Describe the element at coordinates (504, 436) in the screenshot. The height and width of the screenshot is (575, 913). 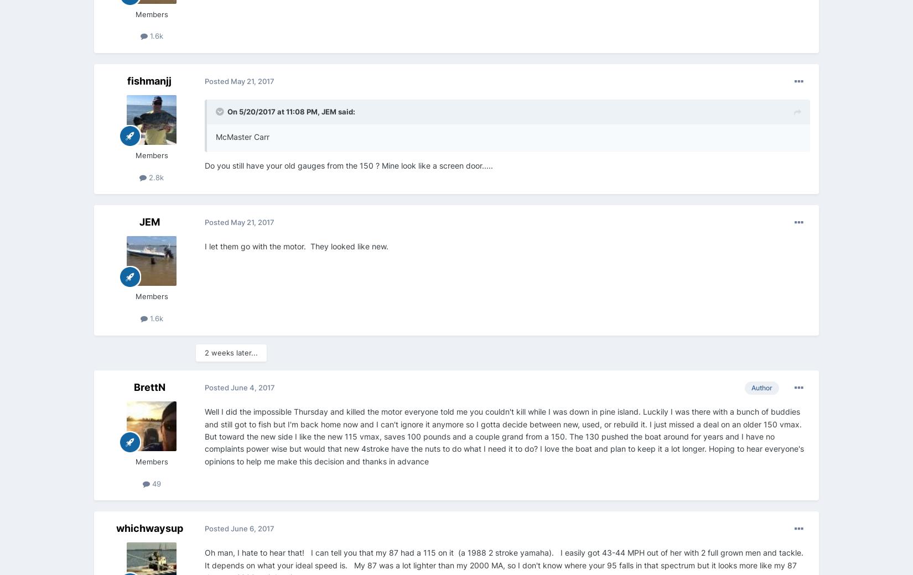
I see `'Well I did the impossible Thursday and killed the motor everyone told me you couldn't kill while I was down in pine island. Luckily I was there with a bunch of buddies and still got to fish but I'm back home now and I can't ignore it anymore so I gotta decide between new, used, or rebuild it. I just missed a deal on an older 150 vmax. But toward the new side I like the new 115 vmax, saves 100 pounds and a couple grand from a 150. The 130 pushed the boat around for years and I have no complaints power wise but would that new 4stroke have the nuts to do what I need it to do? I love the boat and plan to keep it a lot longer. Hoping to hear everyone's opinions to help me make this decision and thanks in advance'` at that location.